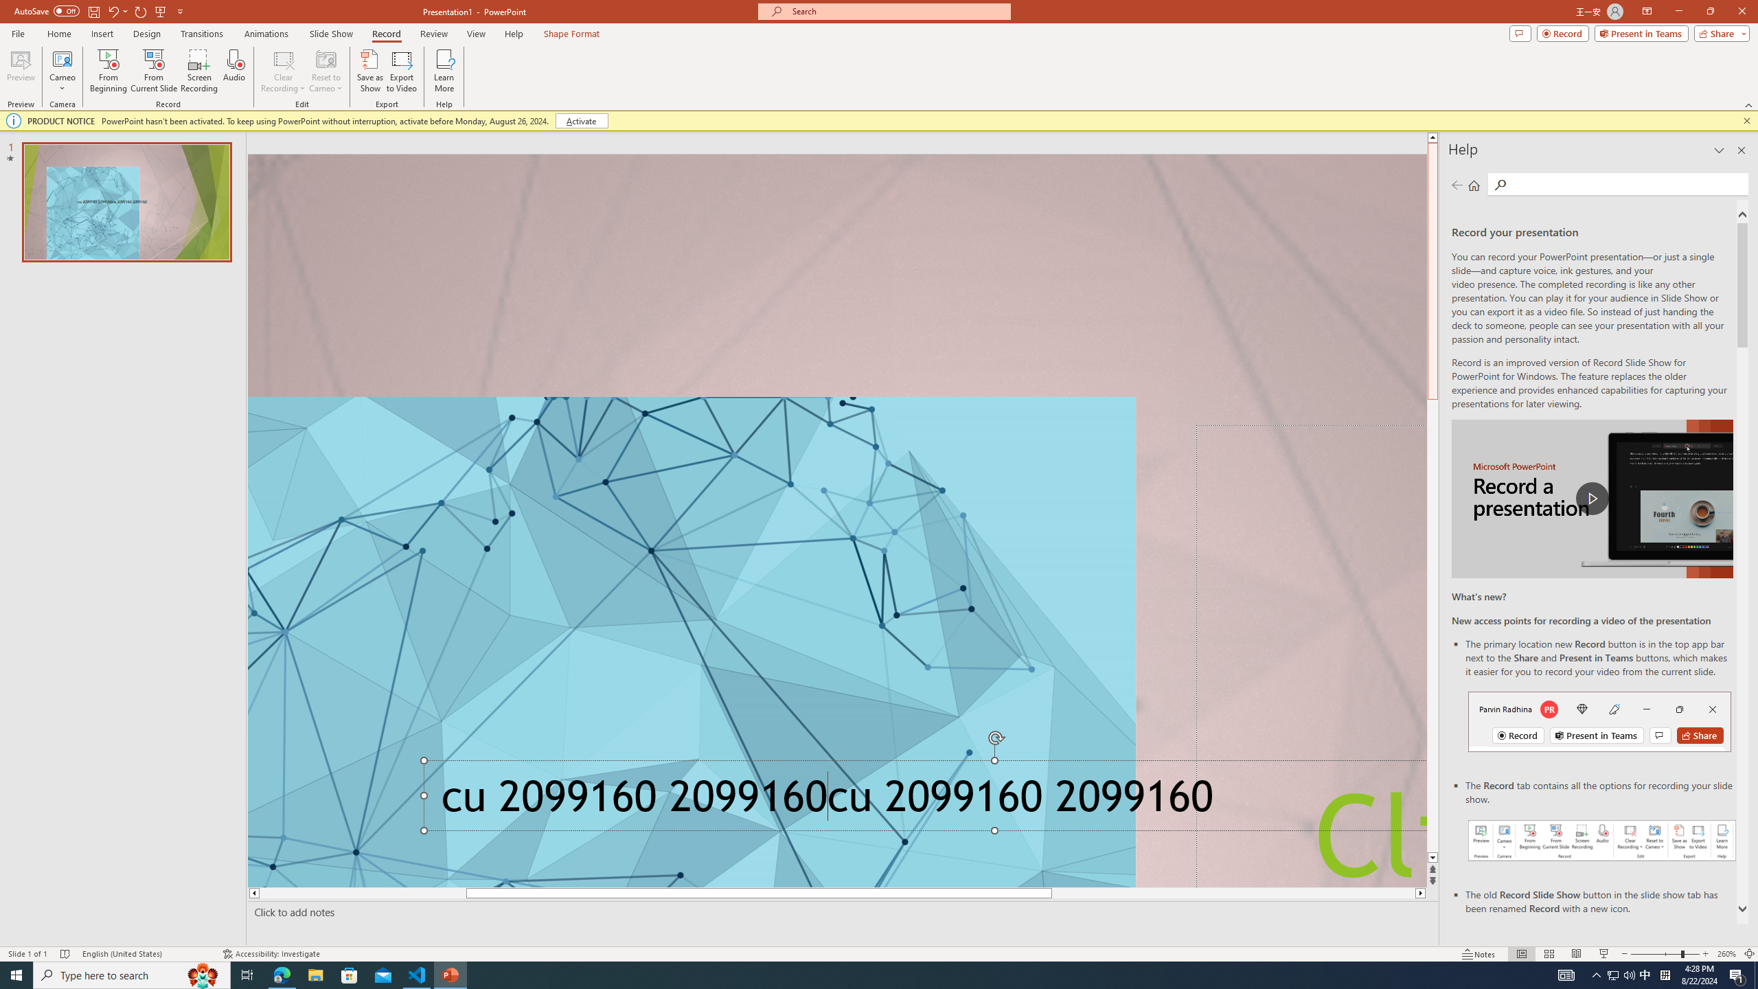 The image size is (1758, 989). Describe the element at coordinates (1457, 184) in the screenshot. I see `'Previous page'` at that location.